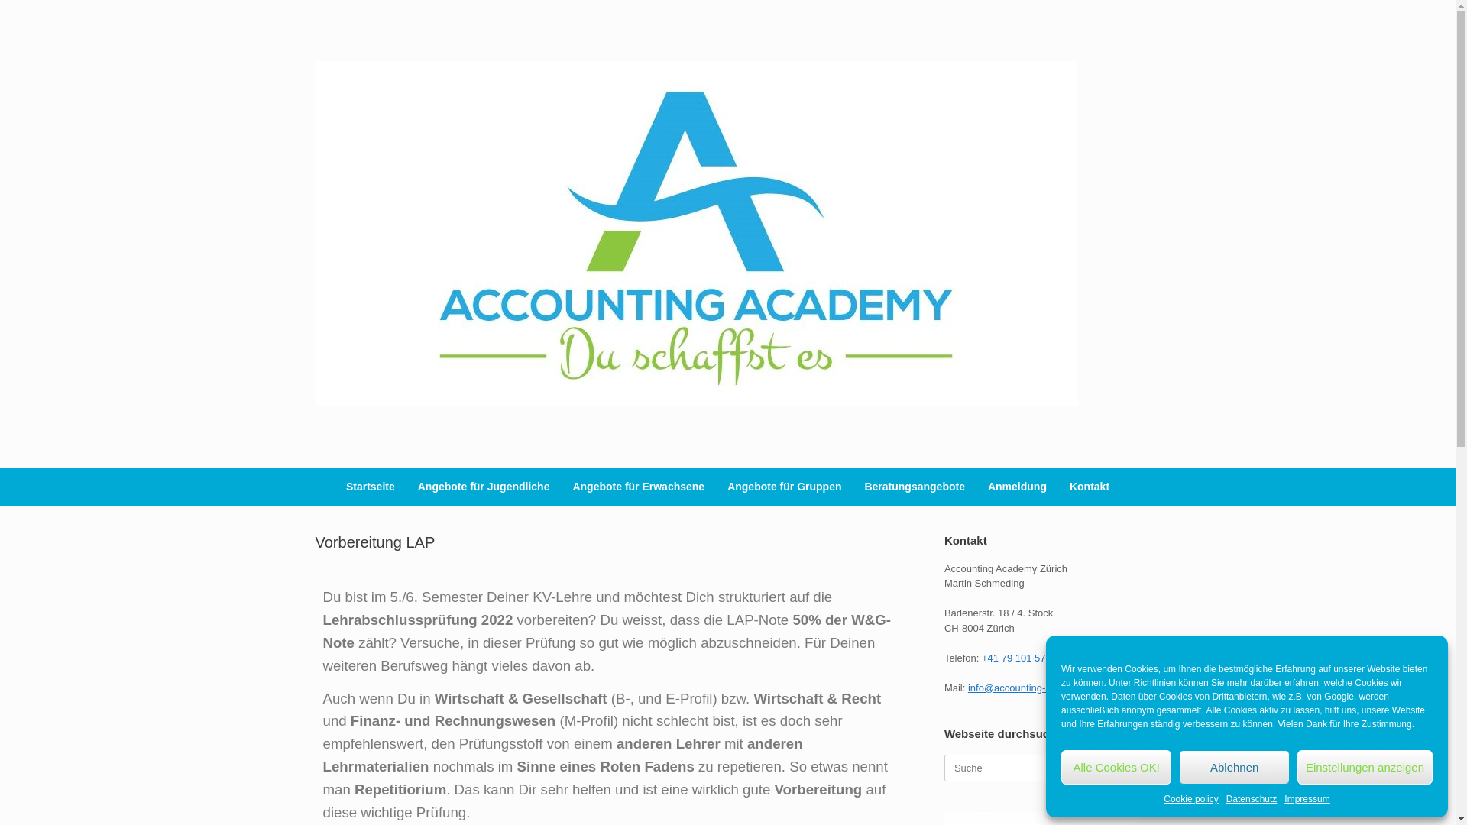 This screenshot has width=1467, height=825. What do you see at coordinates (1190, 797) in the screenshot?
I see `'Cookie policy'` at bounding box center [1190, 797].